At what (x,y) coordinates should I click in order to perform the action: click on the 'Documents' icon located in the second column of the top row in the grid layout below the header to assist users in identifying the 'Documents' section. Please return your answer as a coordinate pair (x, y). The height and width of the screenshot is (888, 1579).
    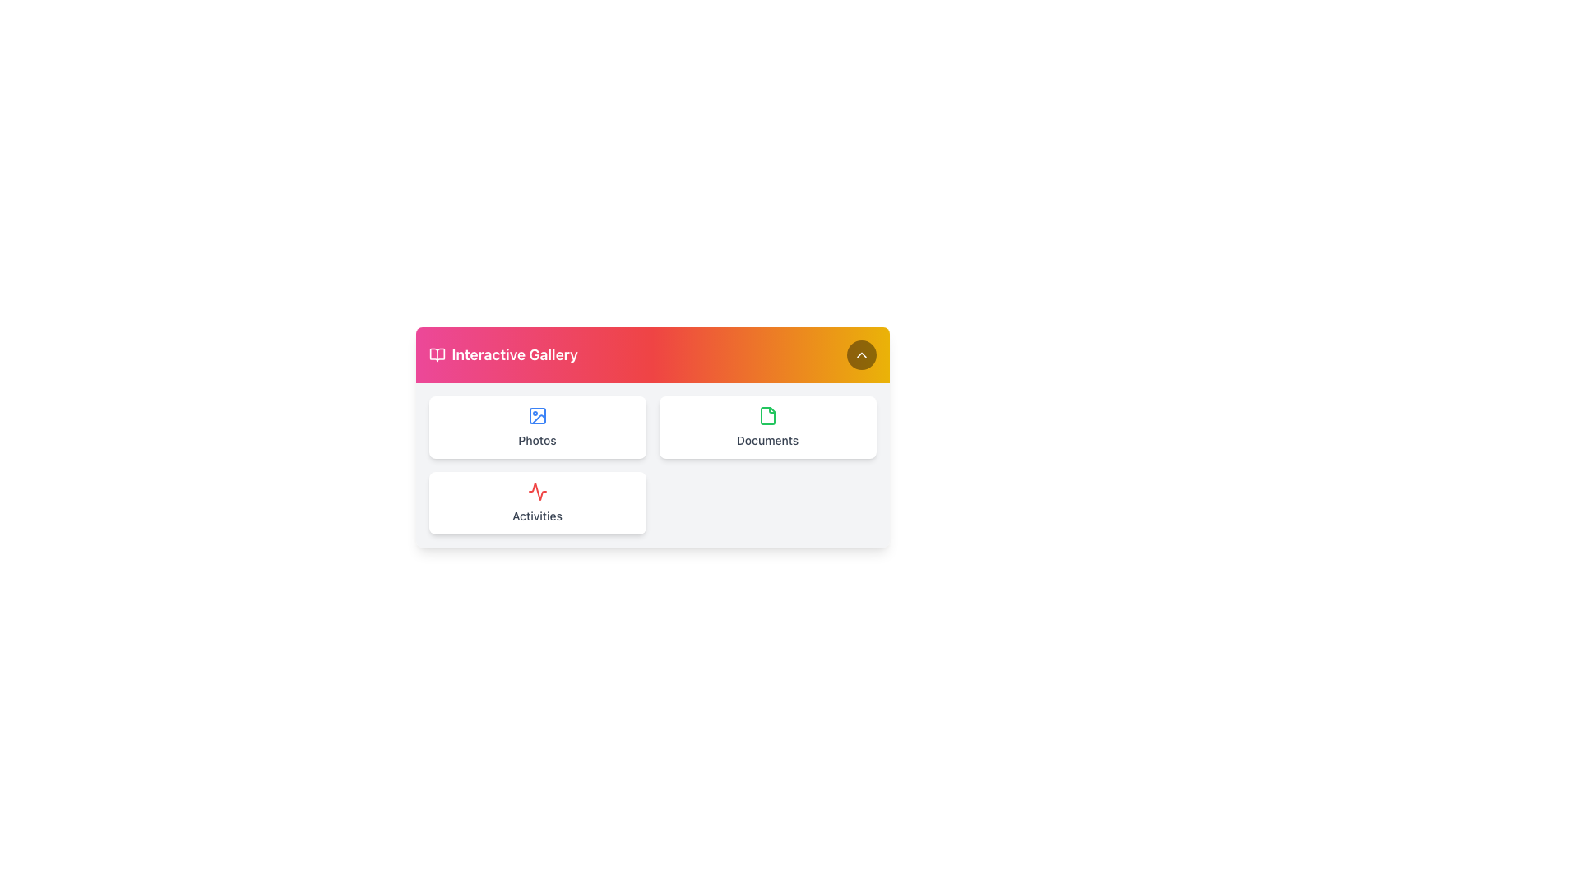
    Looking at the image, I should click on (766, 414).